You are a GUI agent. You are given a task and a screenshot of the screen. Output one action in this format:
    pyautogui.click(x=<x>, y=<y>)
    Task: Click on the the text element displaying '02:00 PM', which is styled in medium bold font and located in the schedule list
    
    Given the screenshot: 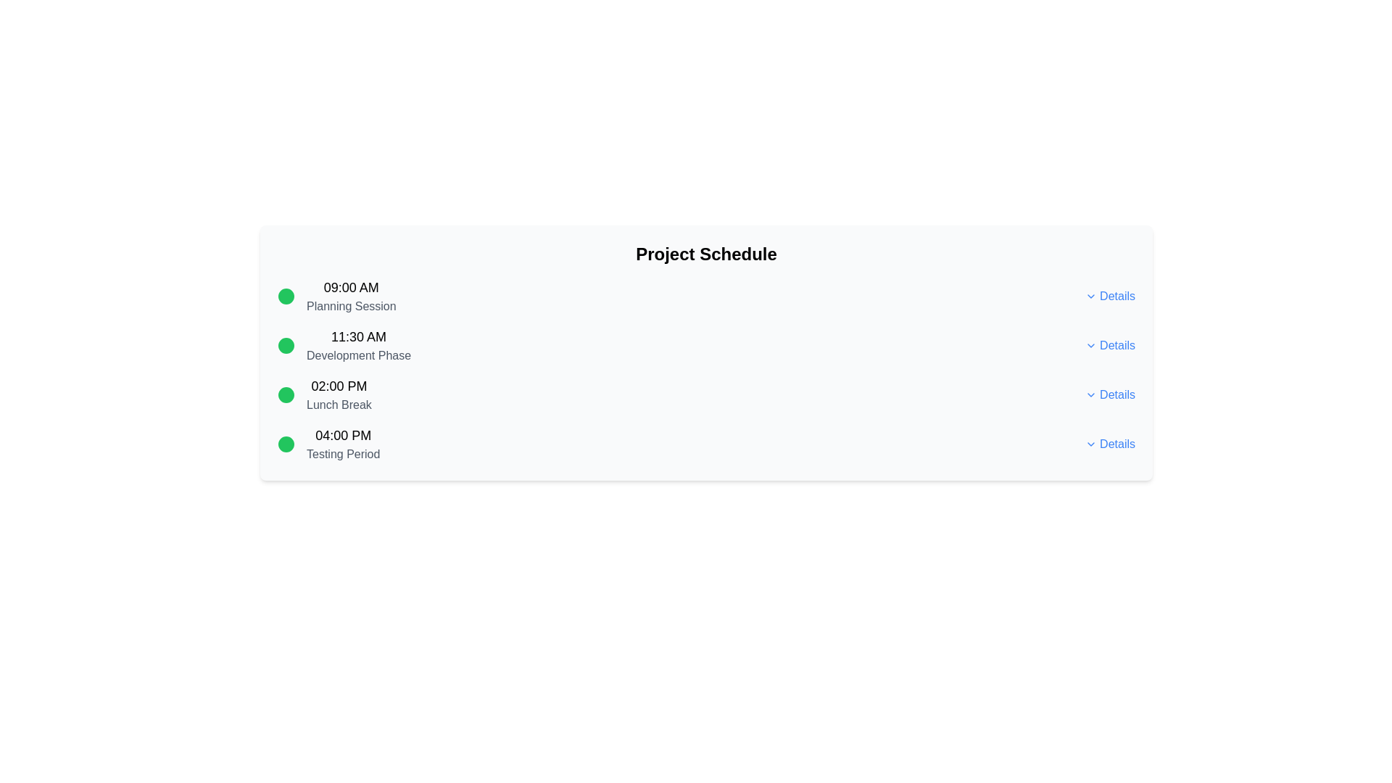 What is the action you would take?
    pyautogui.click(x=338, y=385)
    